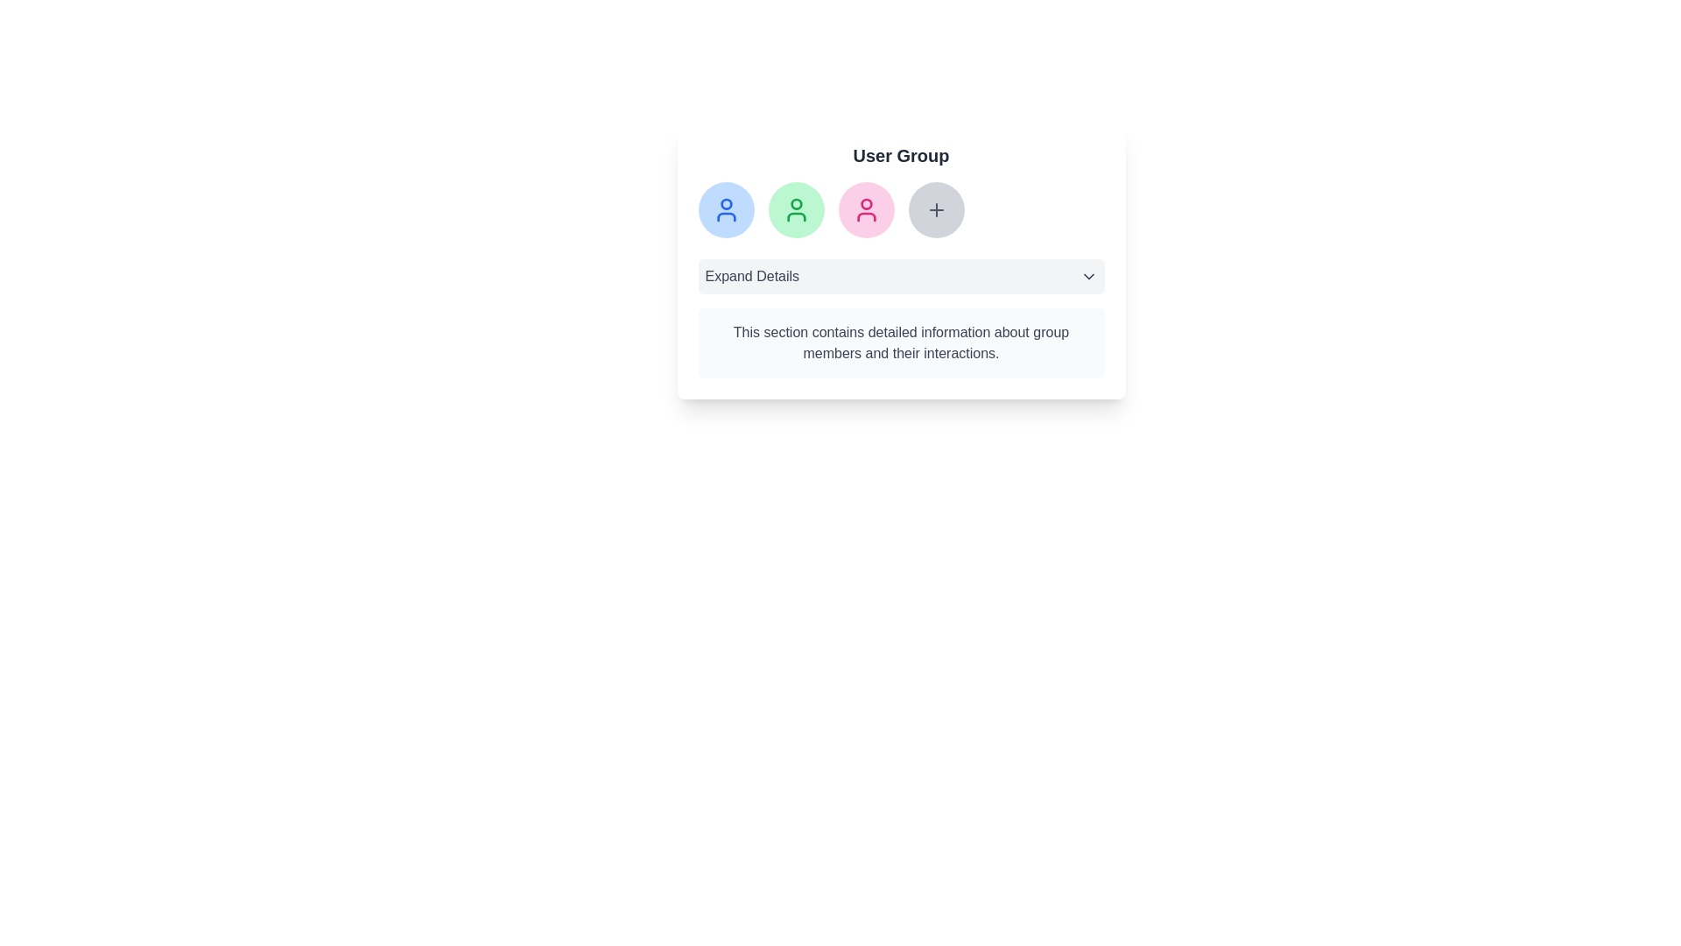 This screenshot has height=946, width=1681. What do you see at coordinates (866, 203) in the screenshot?
I see `the pink user category icon, which is the second icon from the right in a horizontal arrangement of four circular profile icons within the 'User Group' card` at bounding box center [866, 203].